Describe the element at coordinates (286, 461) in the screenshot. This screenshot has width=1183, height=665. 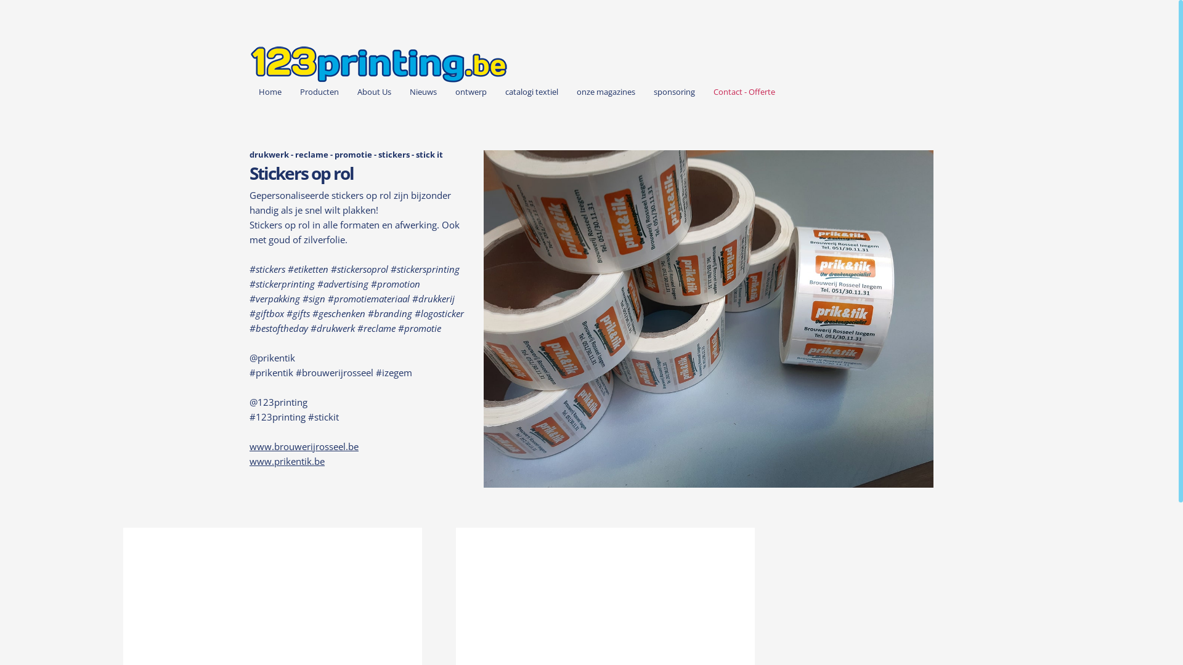
I see `'www.prikentik.be'` at that location.